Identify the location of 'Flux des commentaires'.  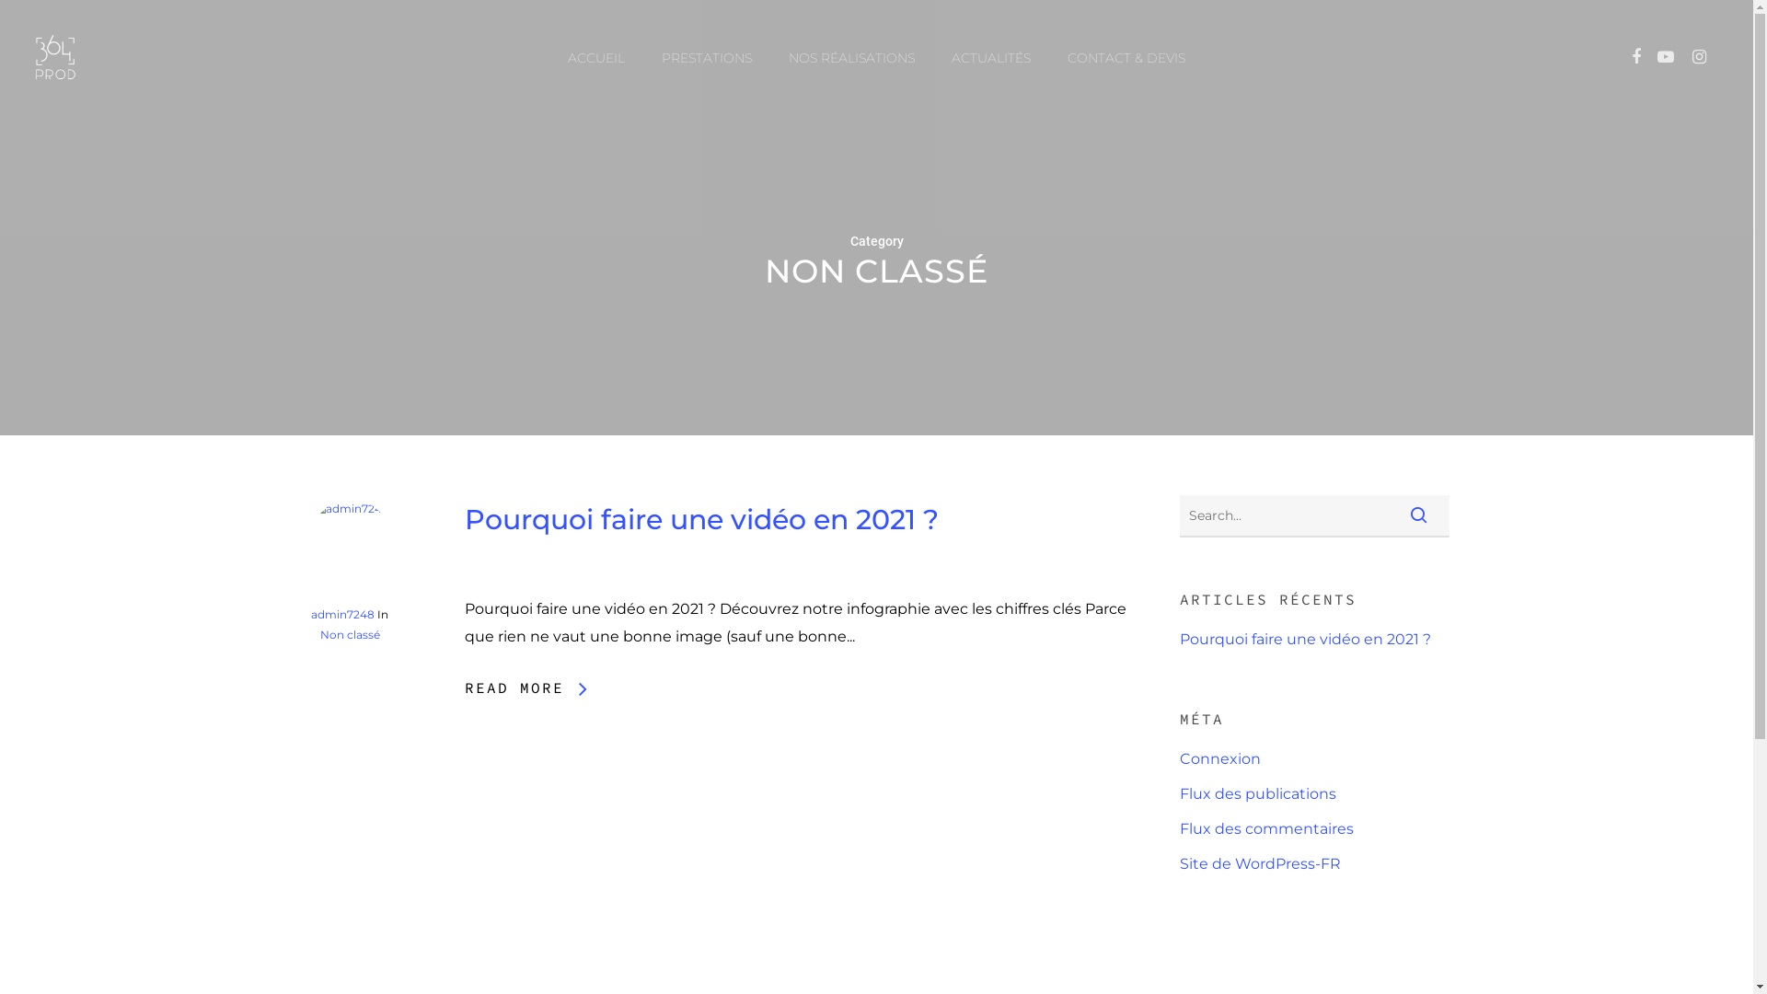
(1179, 829).